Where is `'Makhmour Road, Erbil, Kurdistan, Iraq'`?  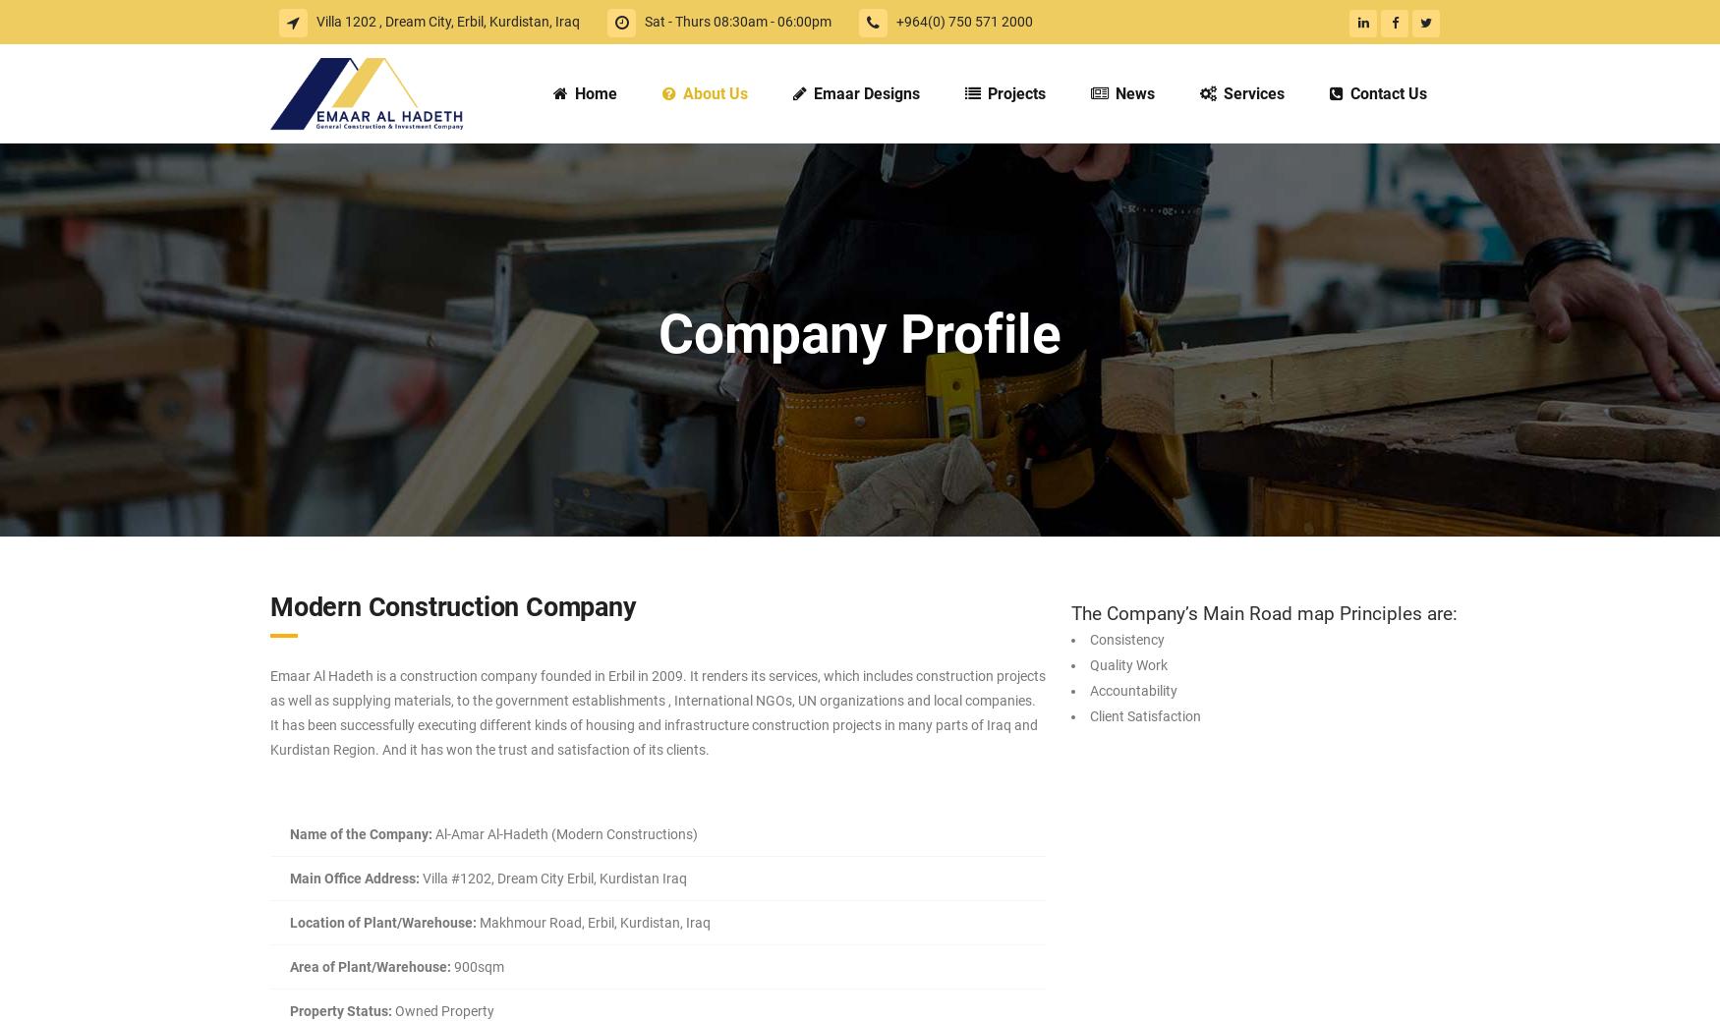 'Makhmour Road, Erbil, Kurdistan, Iraq' is located at coordinates (593, 923).